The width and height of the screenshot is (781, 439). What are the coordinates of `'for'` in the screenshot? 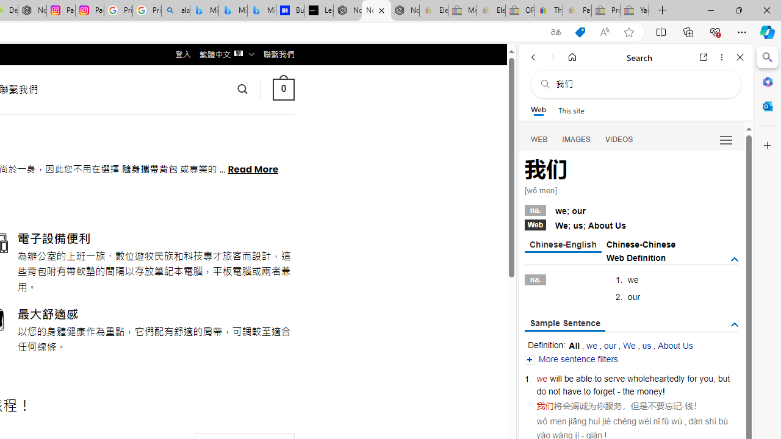 It's located at (692, 378).